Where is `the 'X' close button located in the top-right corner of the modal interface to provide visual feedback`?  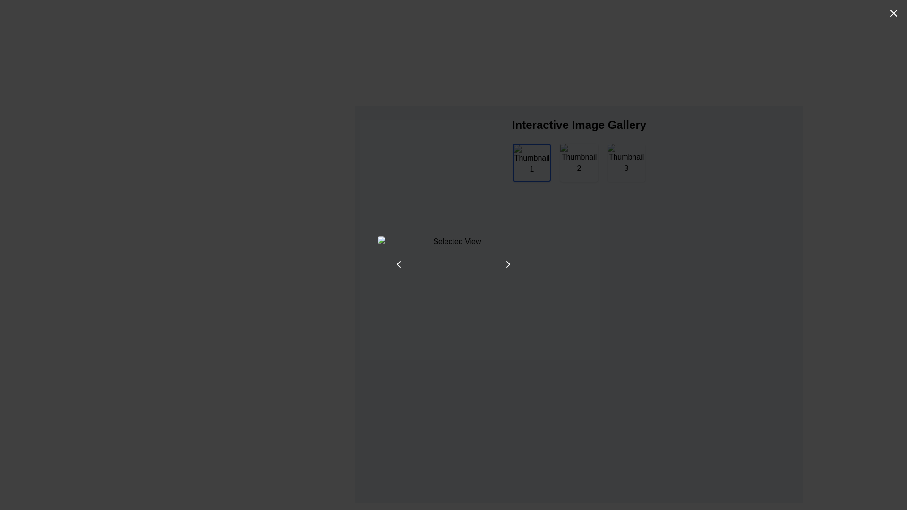
the 'X' close button located in the top-right corner of the modal interface to provide visual feedback is located at coordinates (893, 13).